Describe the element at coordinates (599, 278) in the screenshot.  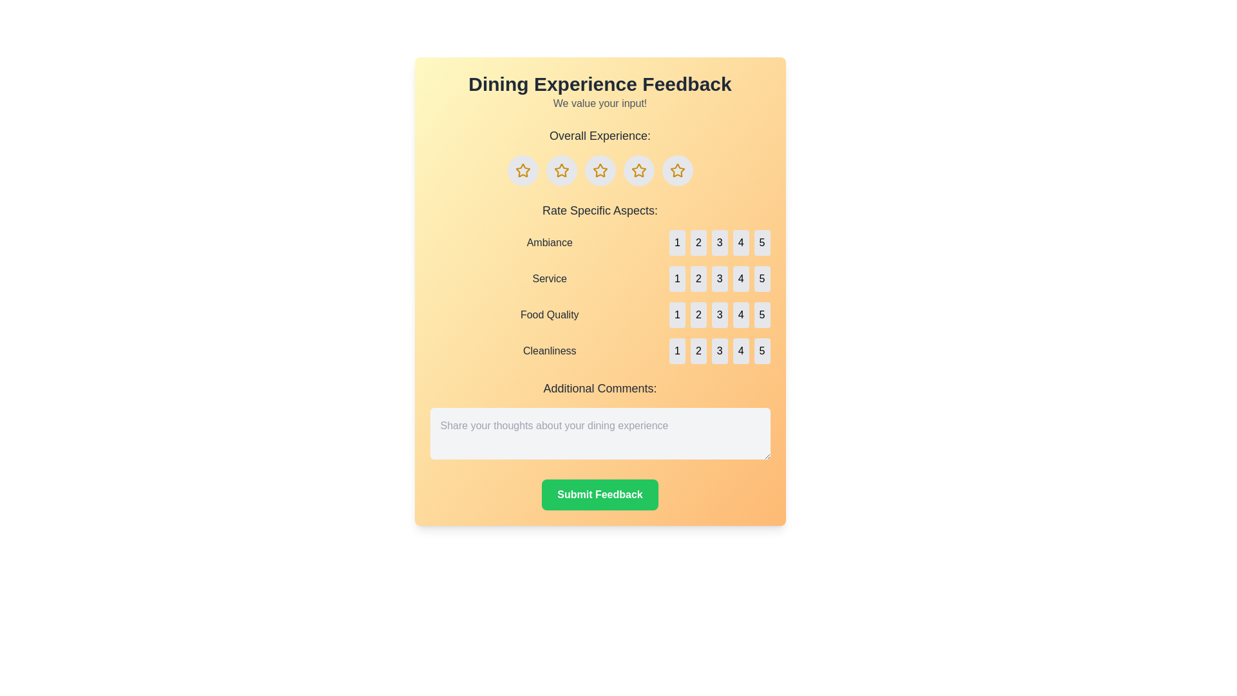
I see `the interactive rating buttons for the 'Service' aspect, which is located under 'Rate Specific Aspects:' in the second item of the list, between 'Ambiance' and 'Food Quality'` at that location.